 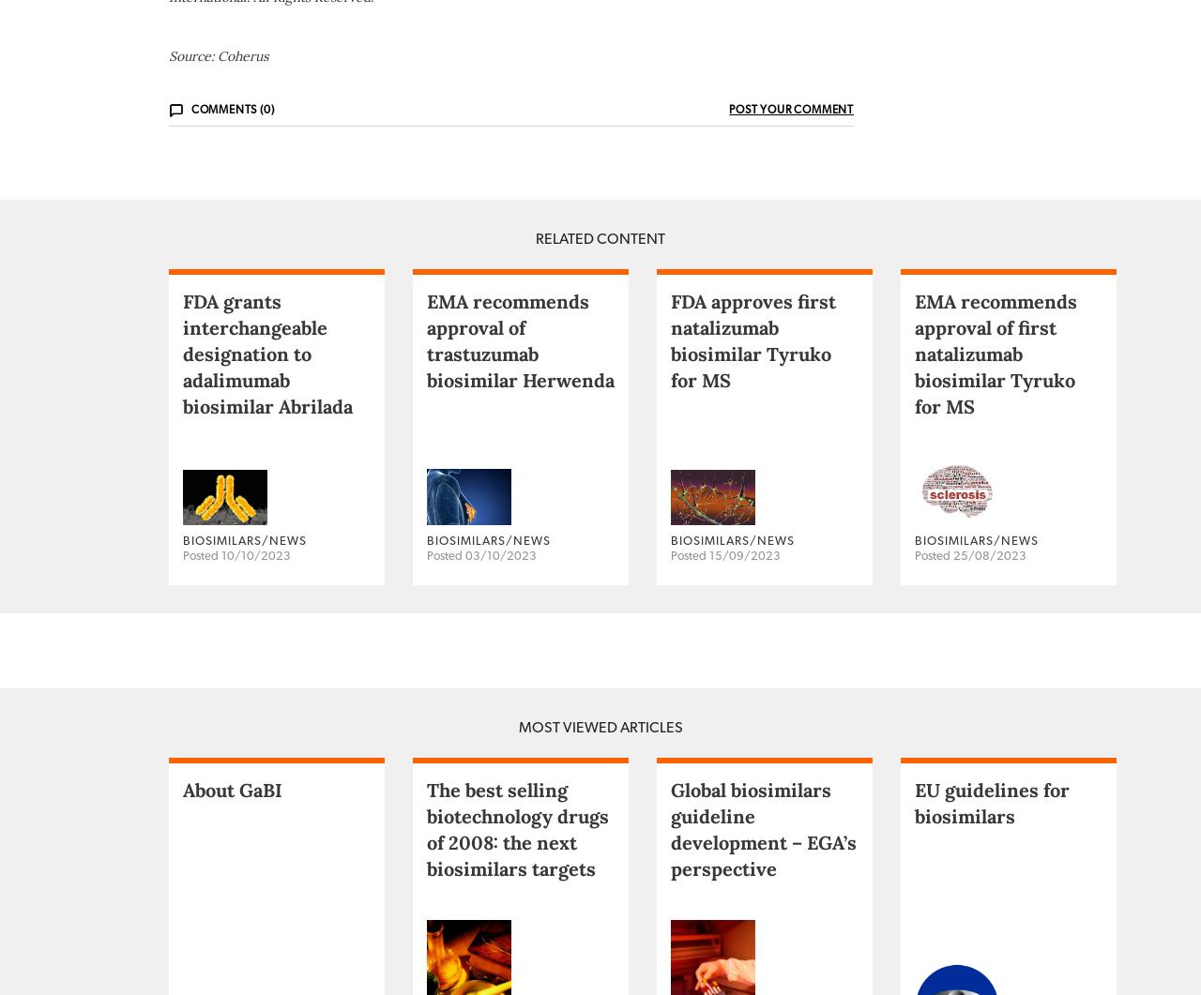 I want to click on 'Source: Coherus', so click(x=218, y=129).